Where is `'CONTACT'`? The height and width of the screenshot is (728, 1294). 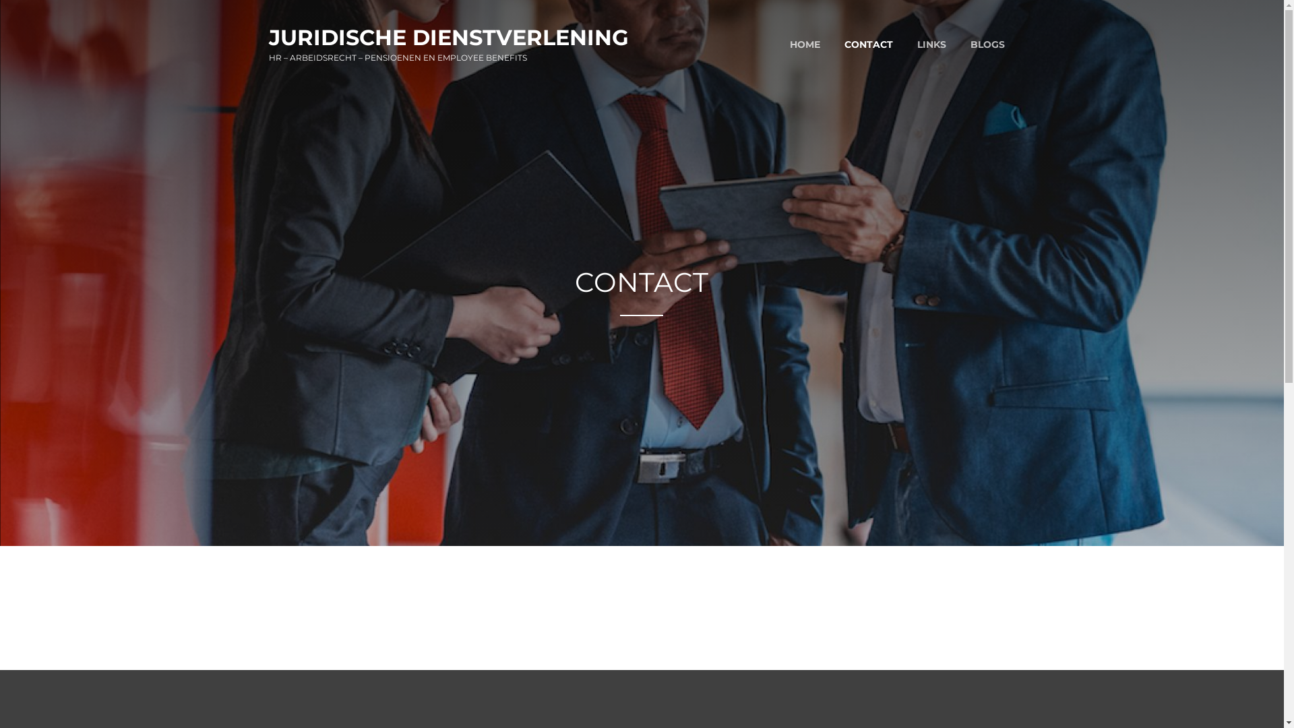
'CONTACT' is located at coordinates (832, 44).